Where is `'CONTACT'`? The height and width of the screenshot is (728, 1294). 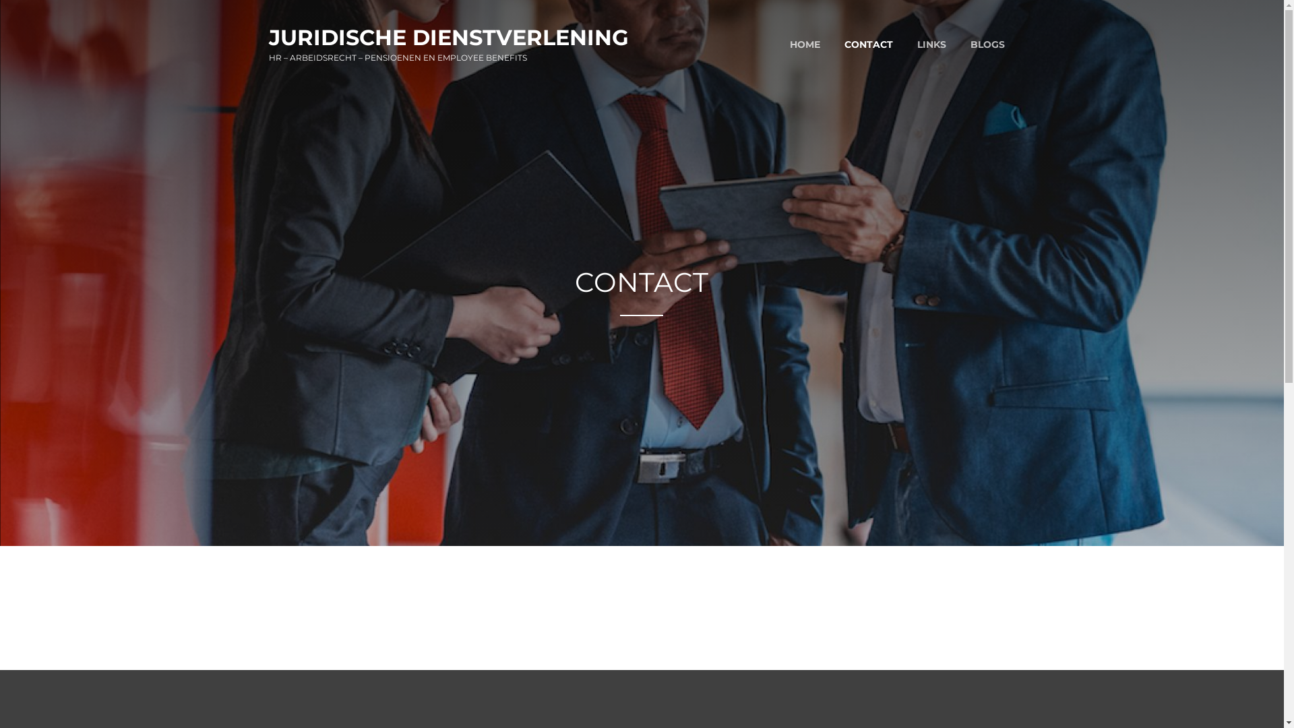
'CONTACT' is located at coordinates (832, 44).